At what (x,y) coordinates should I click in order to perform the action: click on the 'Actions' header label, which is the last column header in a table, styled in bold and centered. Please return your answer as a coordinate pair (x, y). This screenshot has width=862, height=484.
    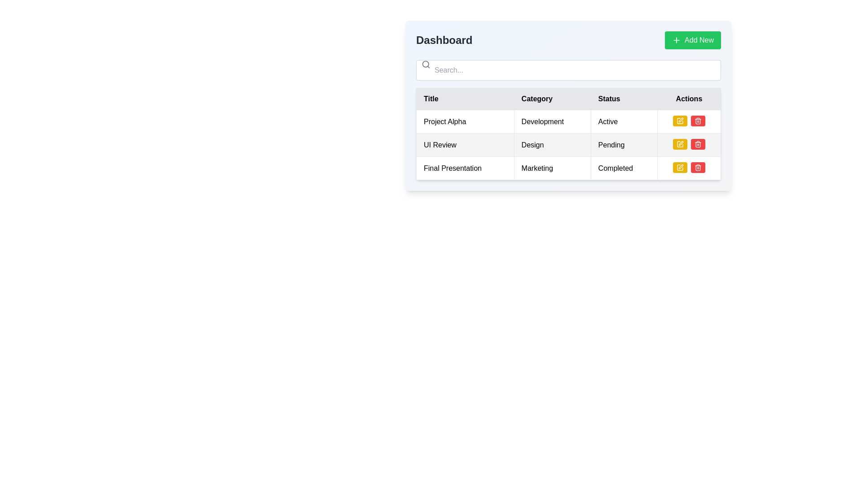
    Looking at the image, I should click on (689, 99).